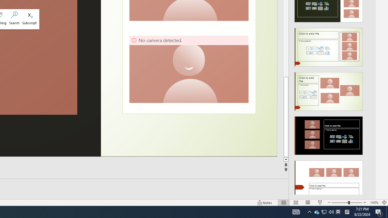 The width and height of the screenshot is (388, 218). I want to click on 'Camera 4, No camera detected.', so click(189, 69).